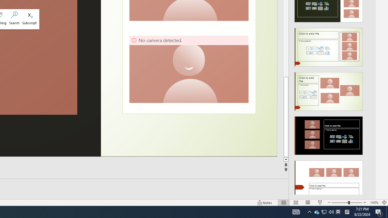 The width and height of the screenshot is (388, 218). I want to click on 'Camera 4, No camera detected.', so click(189, 69).